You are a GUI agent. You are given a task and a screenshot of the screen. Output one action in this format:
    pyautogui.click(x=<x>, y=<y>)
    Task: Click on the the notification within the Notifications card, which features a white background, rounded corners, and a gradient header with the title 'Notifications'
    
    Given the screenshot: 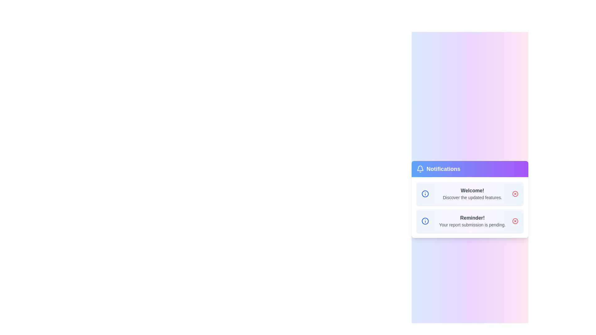 What is the action you would take?
    pyautogui.click(x=470, y=199)
    